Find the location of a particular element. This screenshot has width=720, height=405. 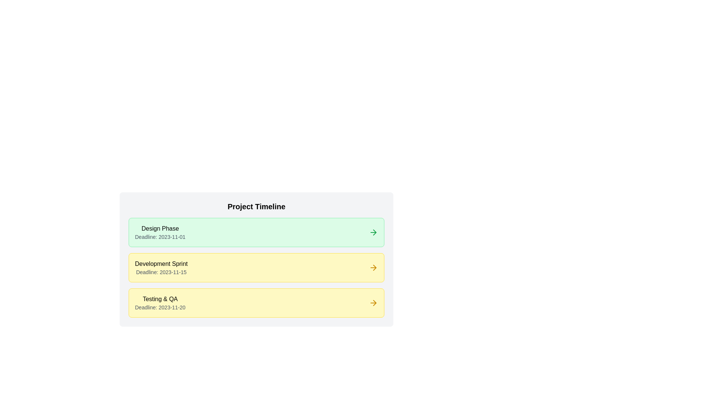

the heading element that indicates the title or purpose of the section detailing project phases or milestones is located at coordinates (256, 207).